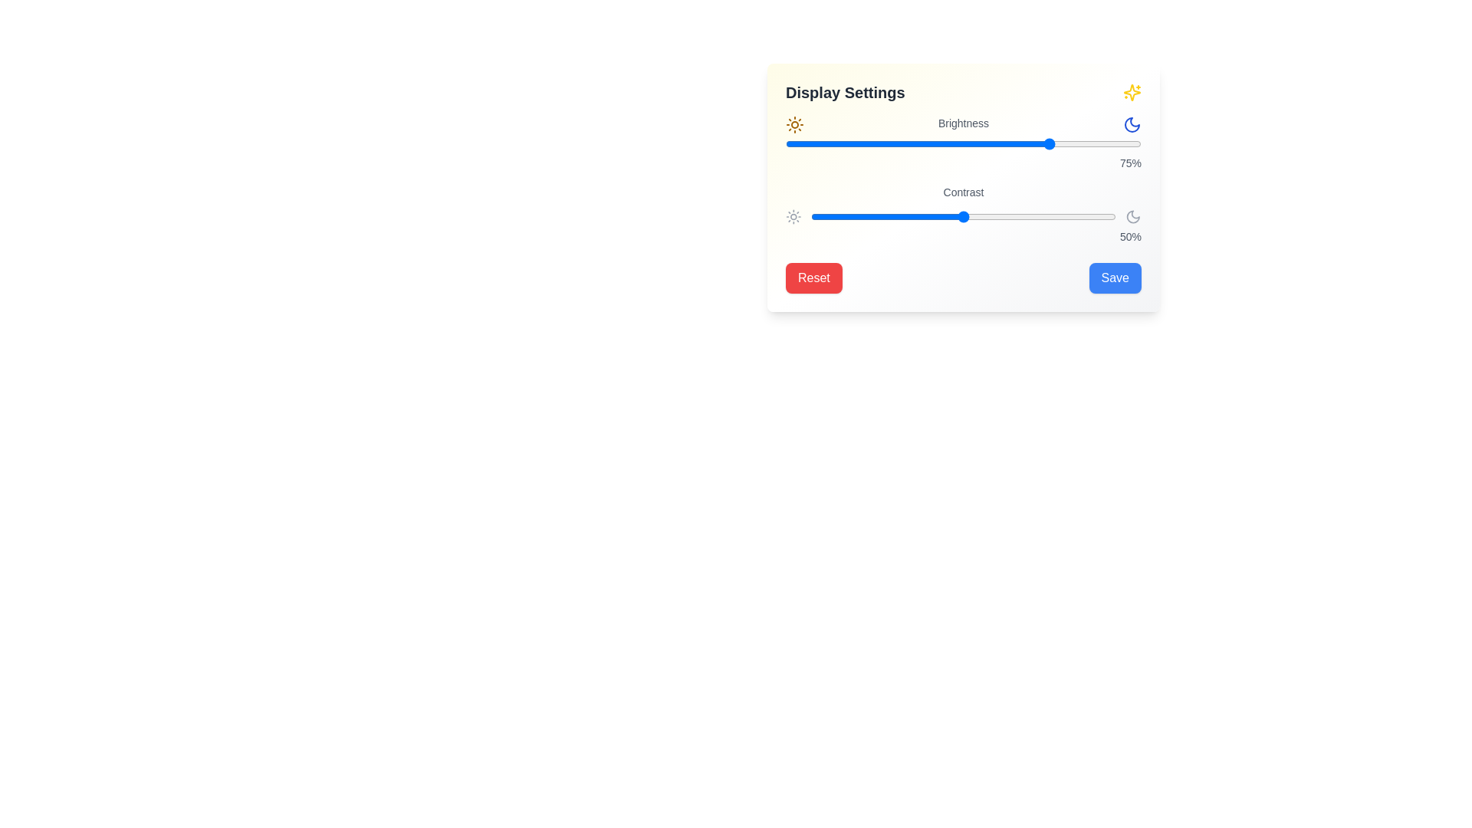 The image size is (1472, 828). What do you see at coordinates (1115, 278) in the screenshot?
I see `the 'Save' button, a blue rectangular button with white text` at bounding box center [1115, 278].